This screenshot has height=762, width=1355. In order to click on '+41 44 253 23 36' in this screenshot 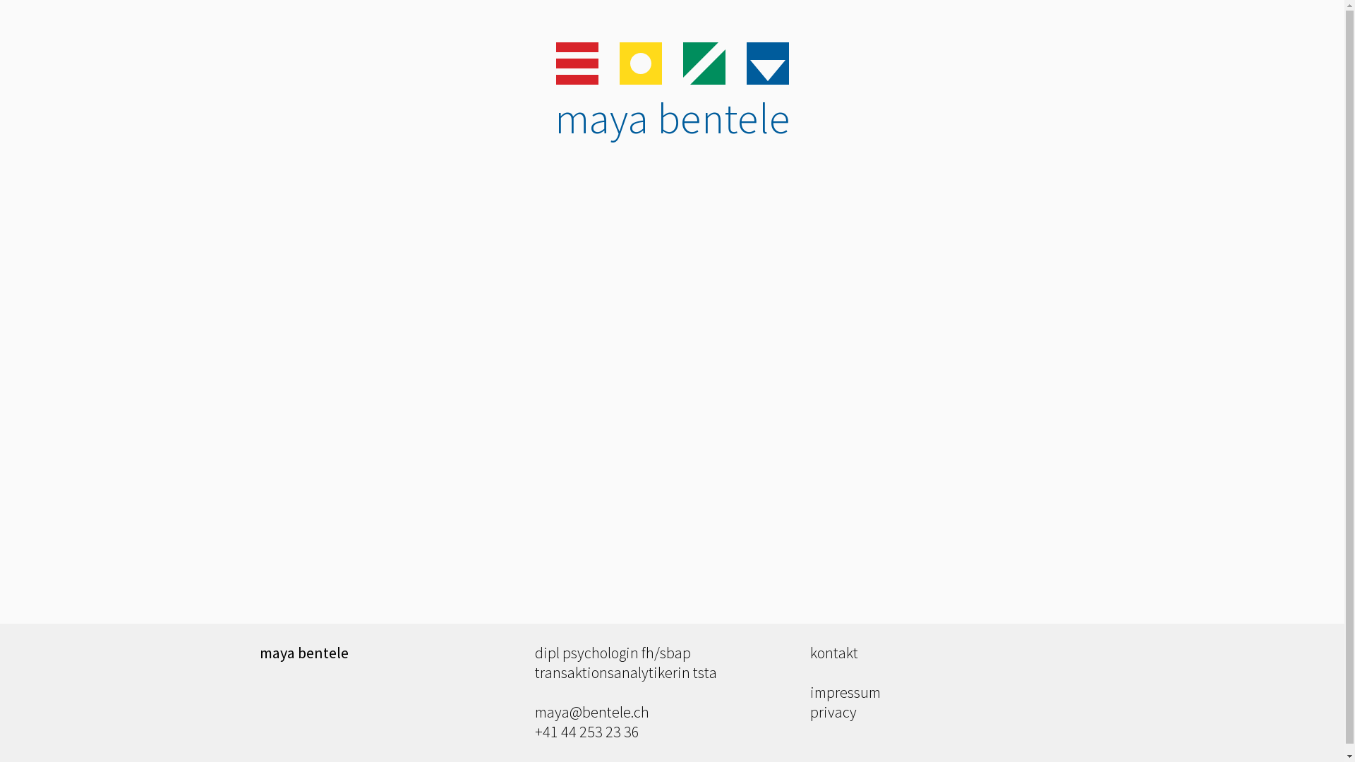, I will do `click(586, 731)`.